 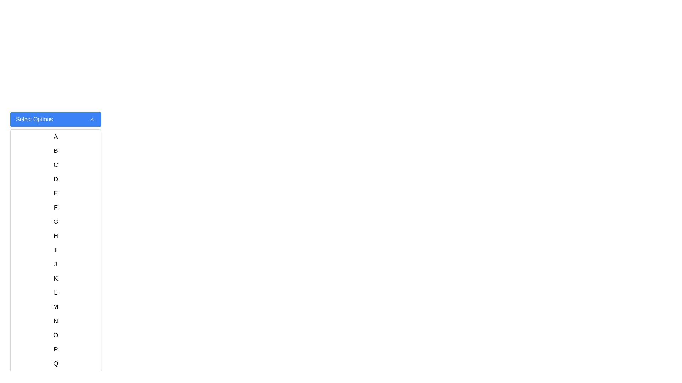 What do you see at coordinates (34, 119) in the screenshot?
I see `the text label 'Select Options' which is part of a dropdown trigger element on the left side of a button-like region` at bounding box center [34, 119].